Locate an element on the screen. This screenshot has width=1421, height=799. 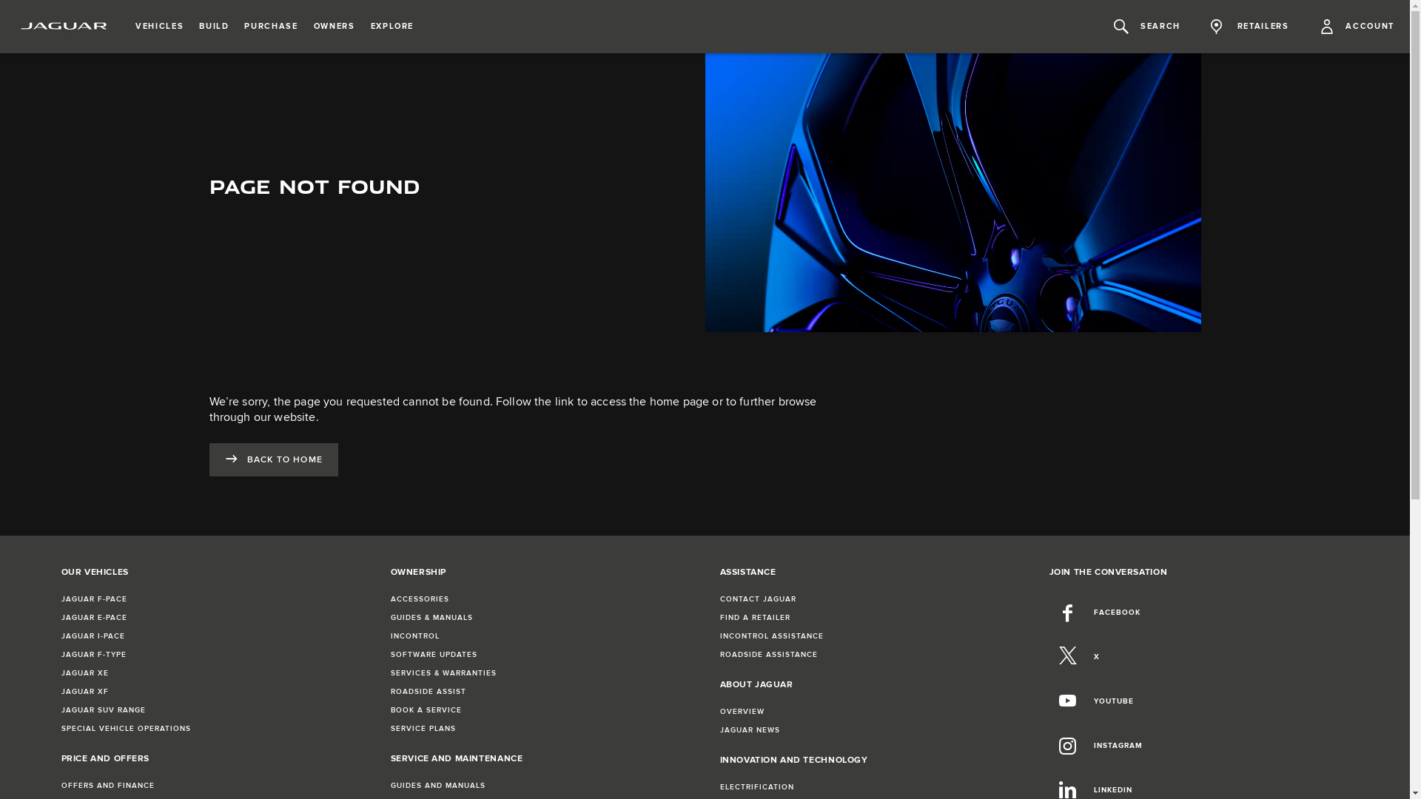
'OVERVIEW' is located at coordinates (742, 710).